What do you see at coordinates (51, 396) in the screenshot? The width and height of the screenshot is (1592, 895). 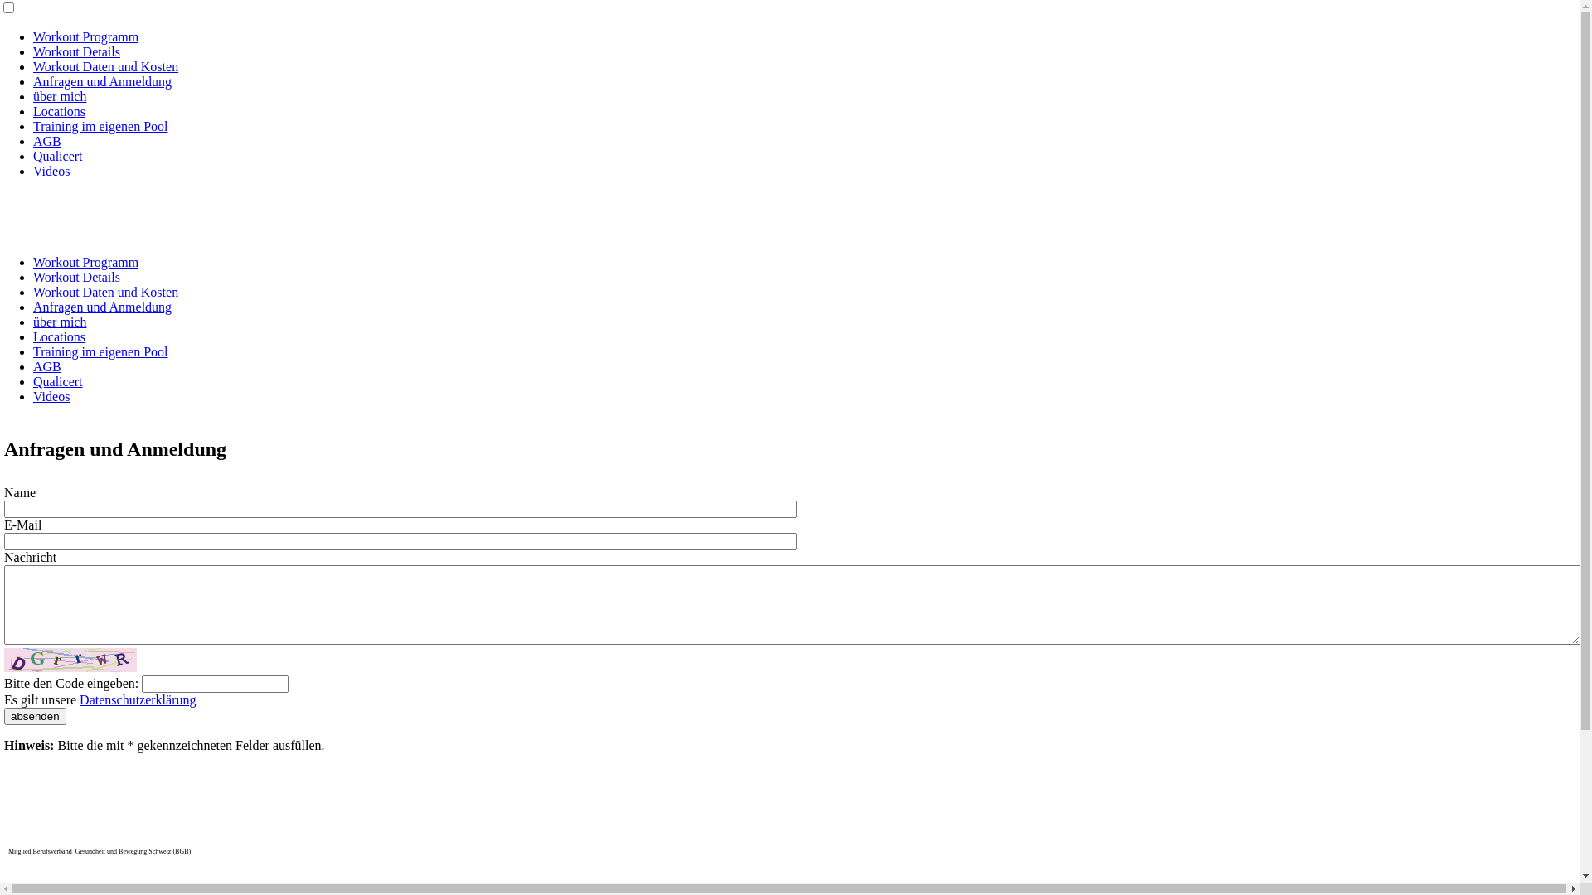 I see `'Videos'` at bounding box center [51, 396].